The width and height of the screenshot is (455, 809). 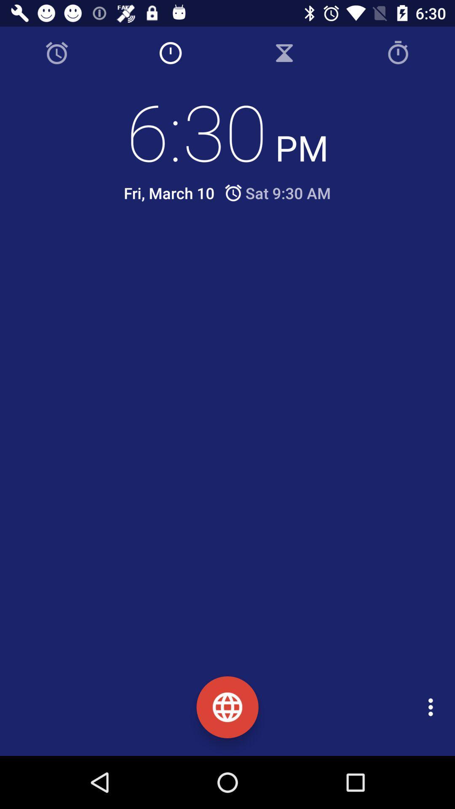 I want to click on the fri, march 10 item, so click(x=169, y=193).